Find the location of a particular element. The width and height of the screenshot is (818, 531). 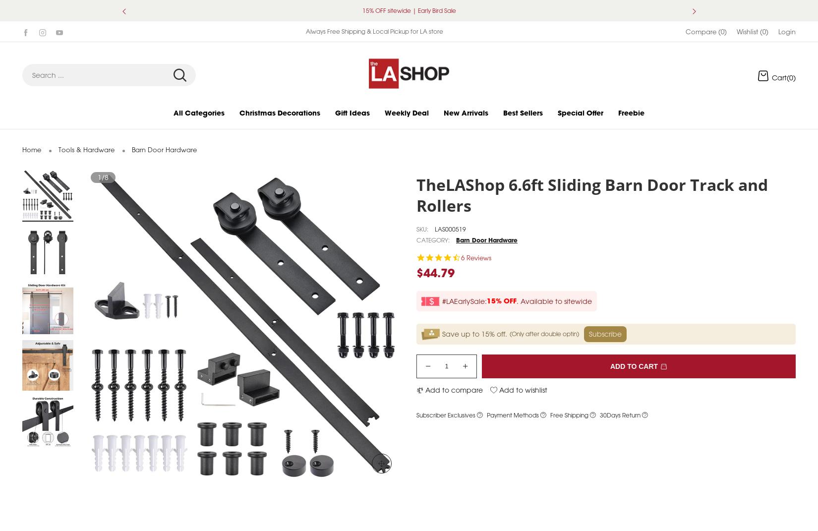

'Special Offer' is located at coordinates (581, 123).